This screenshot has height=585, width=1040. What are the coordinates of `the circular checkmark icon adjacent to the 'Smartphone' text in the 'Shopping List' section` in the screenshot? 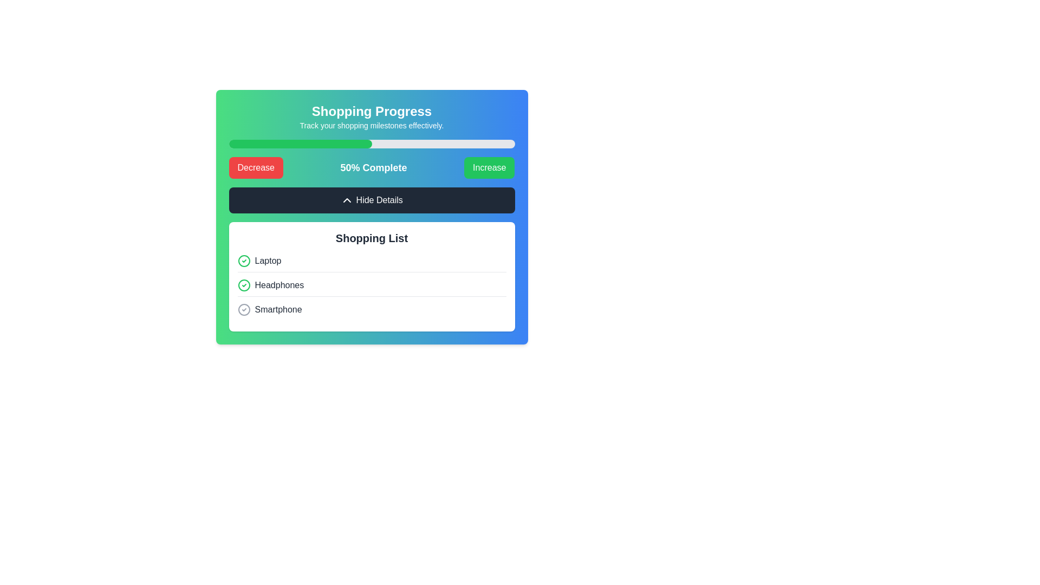 It's located at (243, 309).